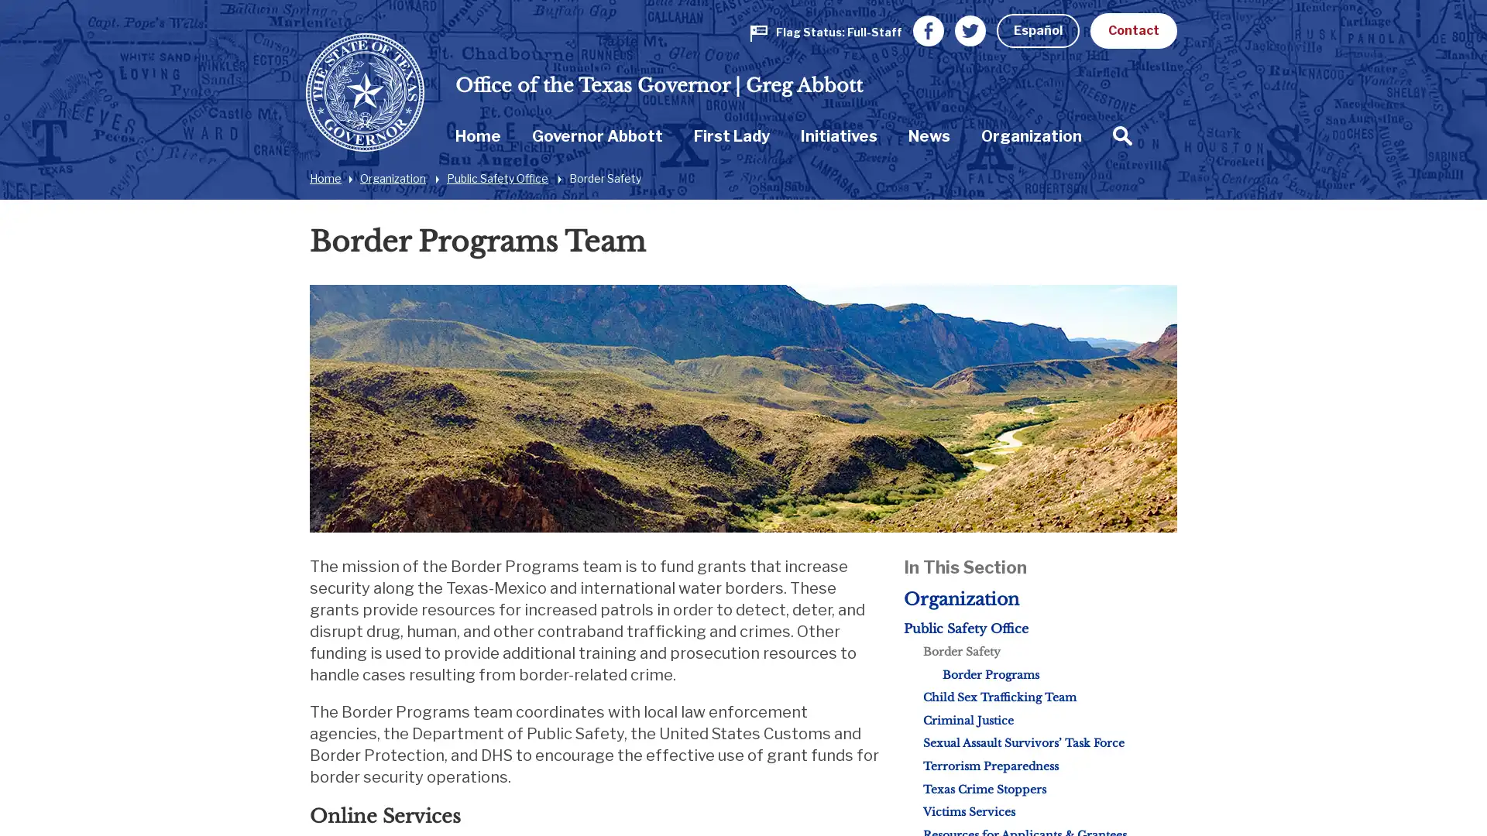 Image resolution: width=1487 pixels, height=836 pixels. I want to click on search icon Search, so click(1092, 133).